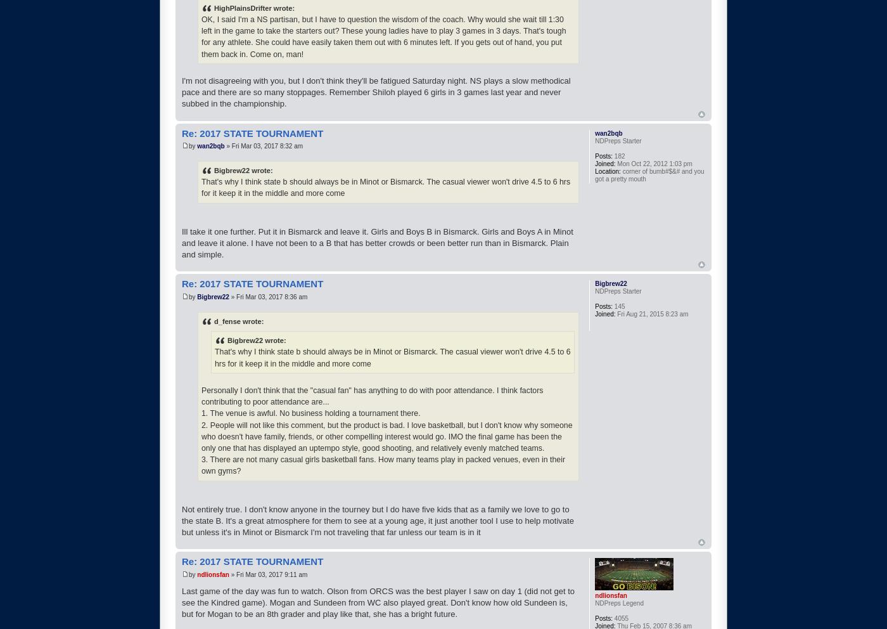 This screenshot has width=887, height=629. What do you see at coordinates (378, 602) in the screenshot?
I see `'Last game of the day was fun to watch.  Olson from ORCS was the best player I saw on day 1 (did not get to see the Kindred game).  Mogan and Sundeen from WC also played great.  Don't know how old Sundeen is, but for Mogan to be an 8th grader and play like that, she has a bright future.'` at bounding box center [378, 602].